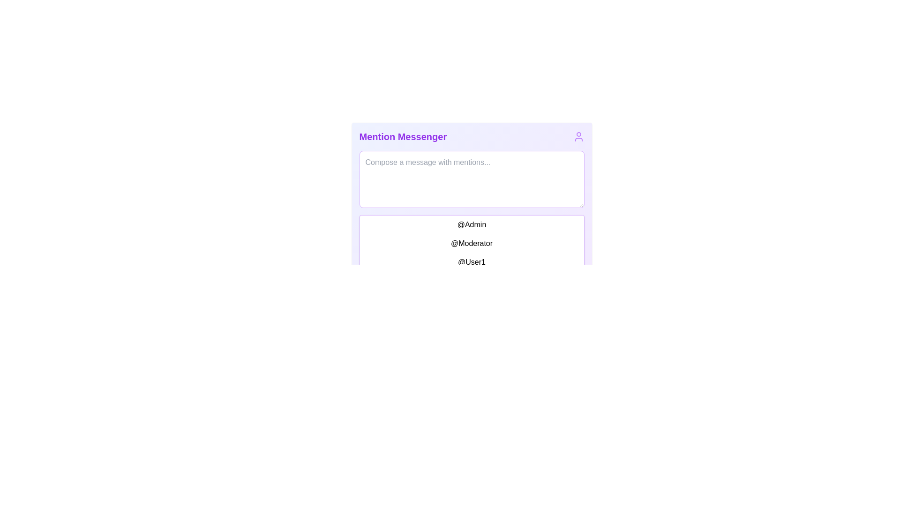  What do you see at coordinates (472, 253) in the screenshot?
I see `the '@User1' entry in the Dropdown menu within the 'Mention Messenger' modal, which features a white background, purple border, and shadowed corners` at bounding box center [472, 253].